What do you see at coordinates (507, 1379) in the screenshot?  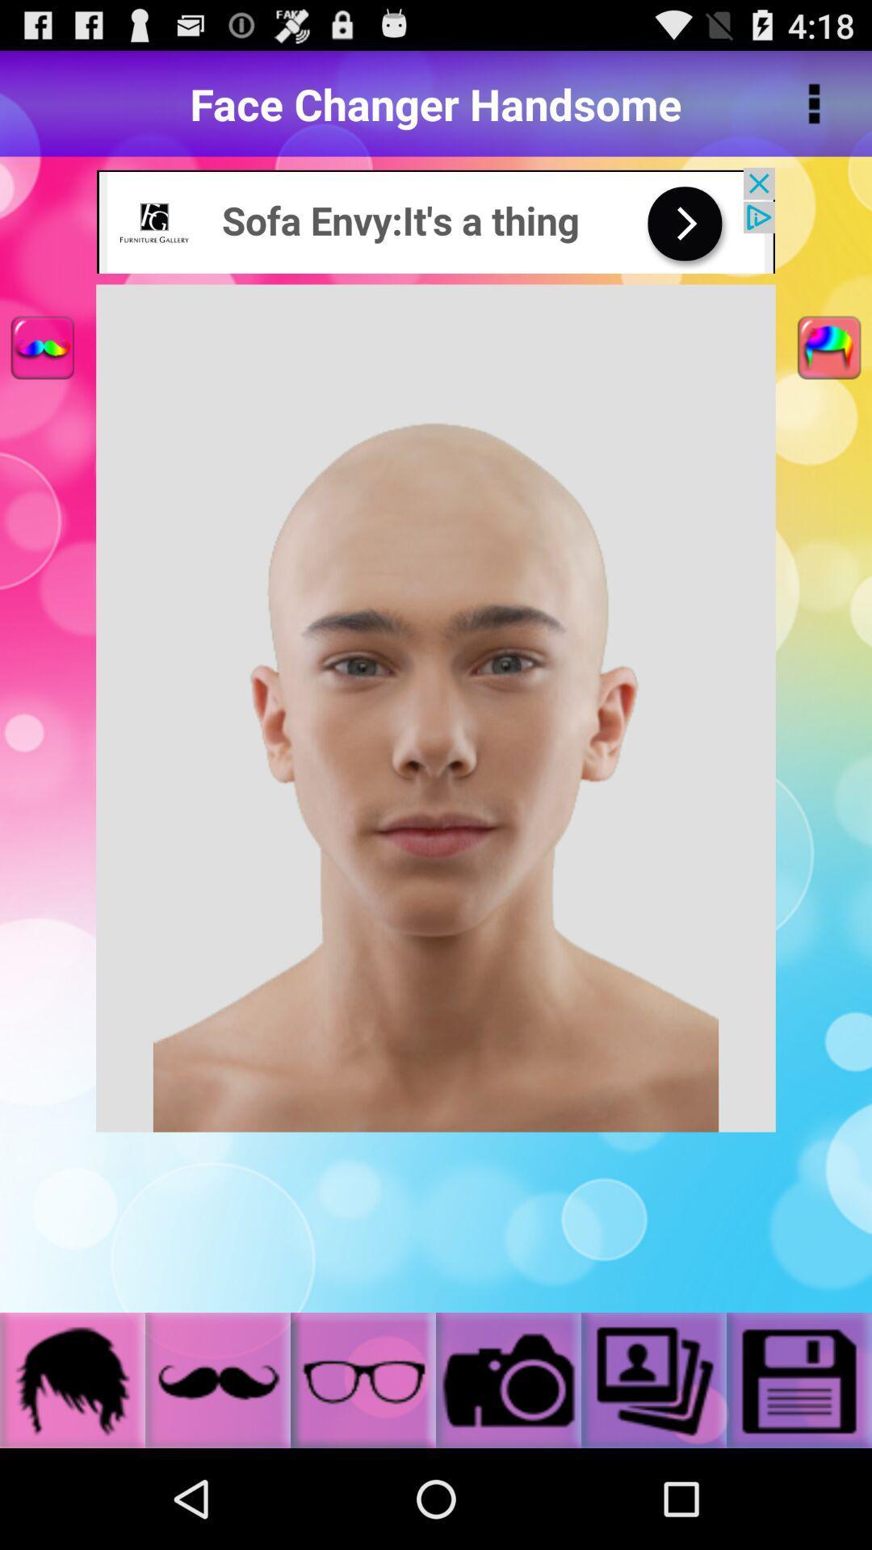 I see `camera` at bounding box center [507, 1379].